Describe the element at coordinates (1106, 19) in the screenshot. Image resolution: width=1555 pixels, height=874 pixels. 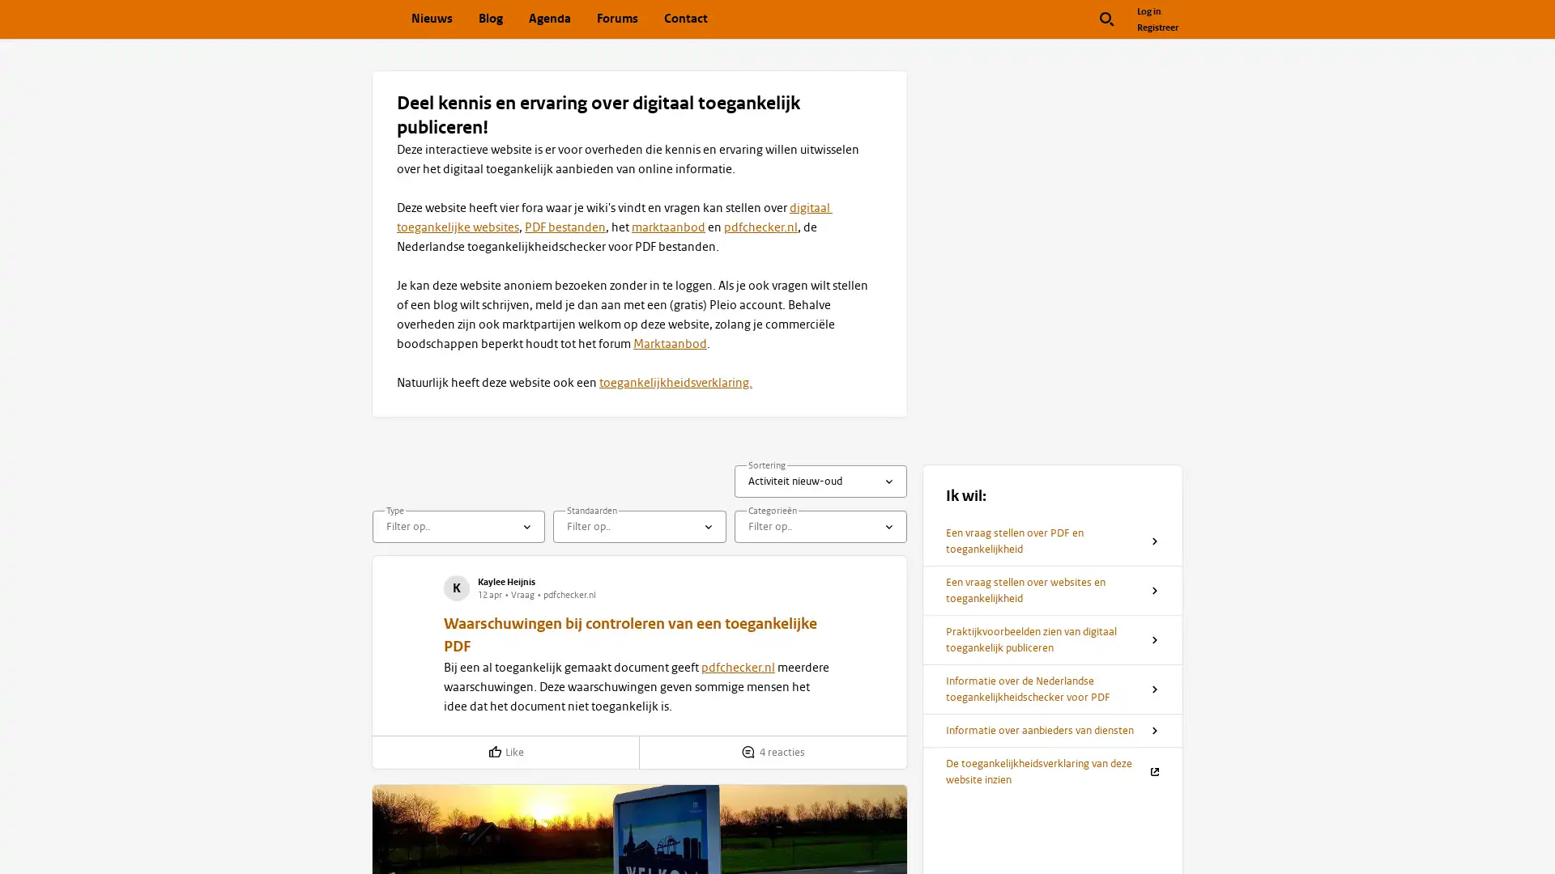
I see `Zoek` at that location.